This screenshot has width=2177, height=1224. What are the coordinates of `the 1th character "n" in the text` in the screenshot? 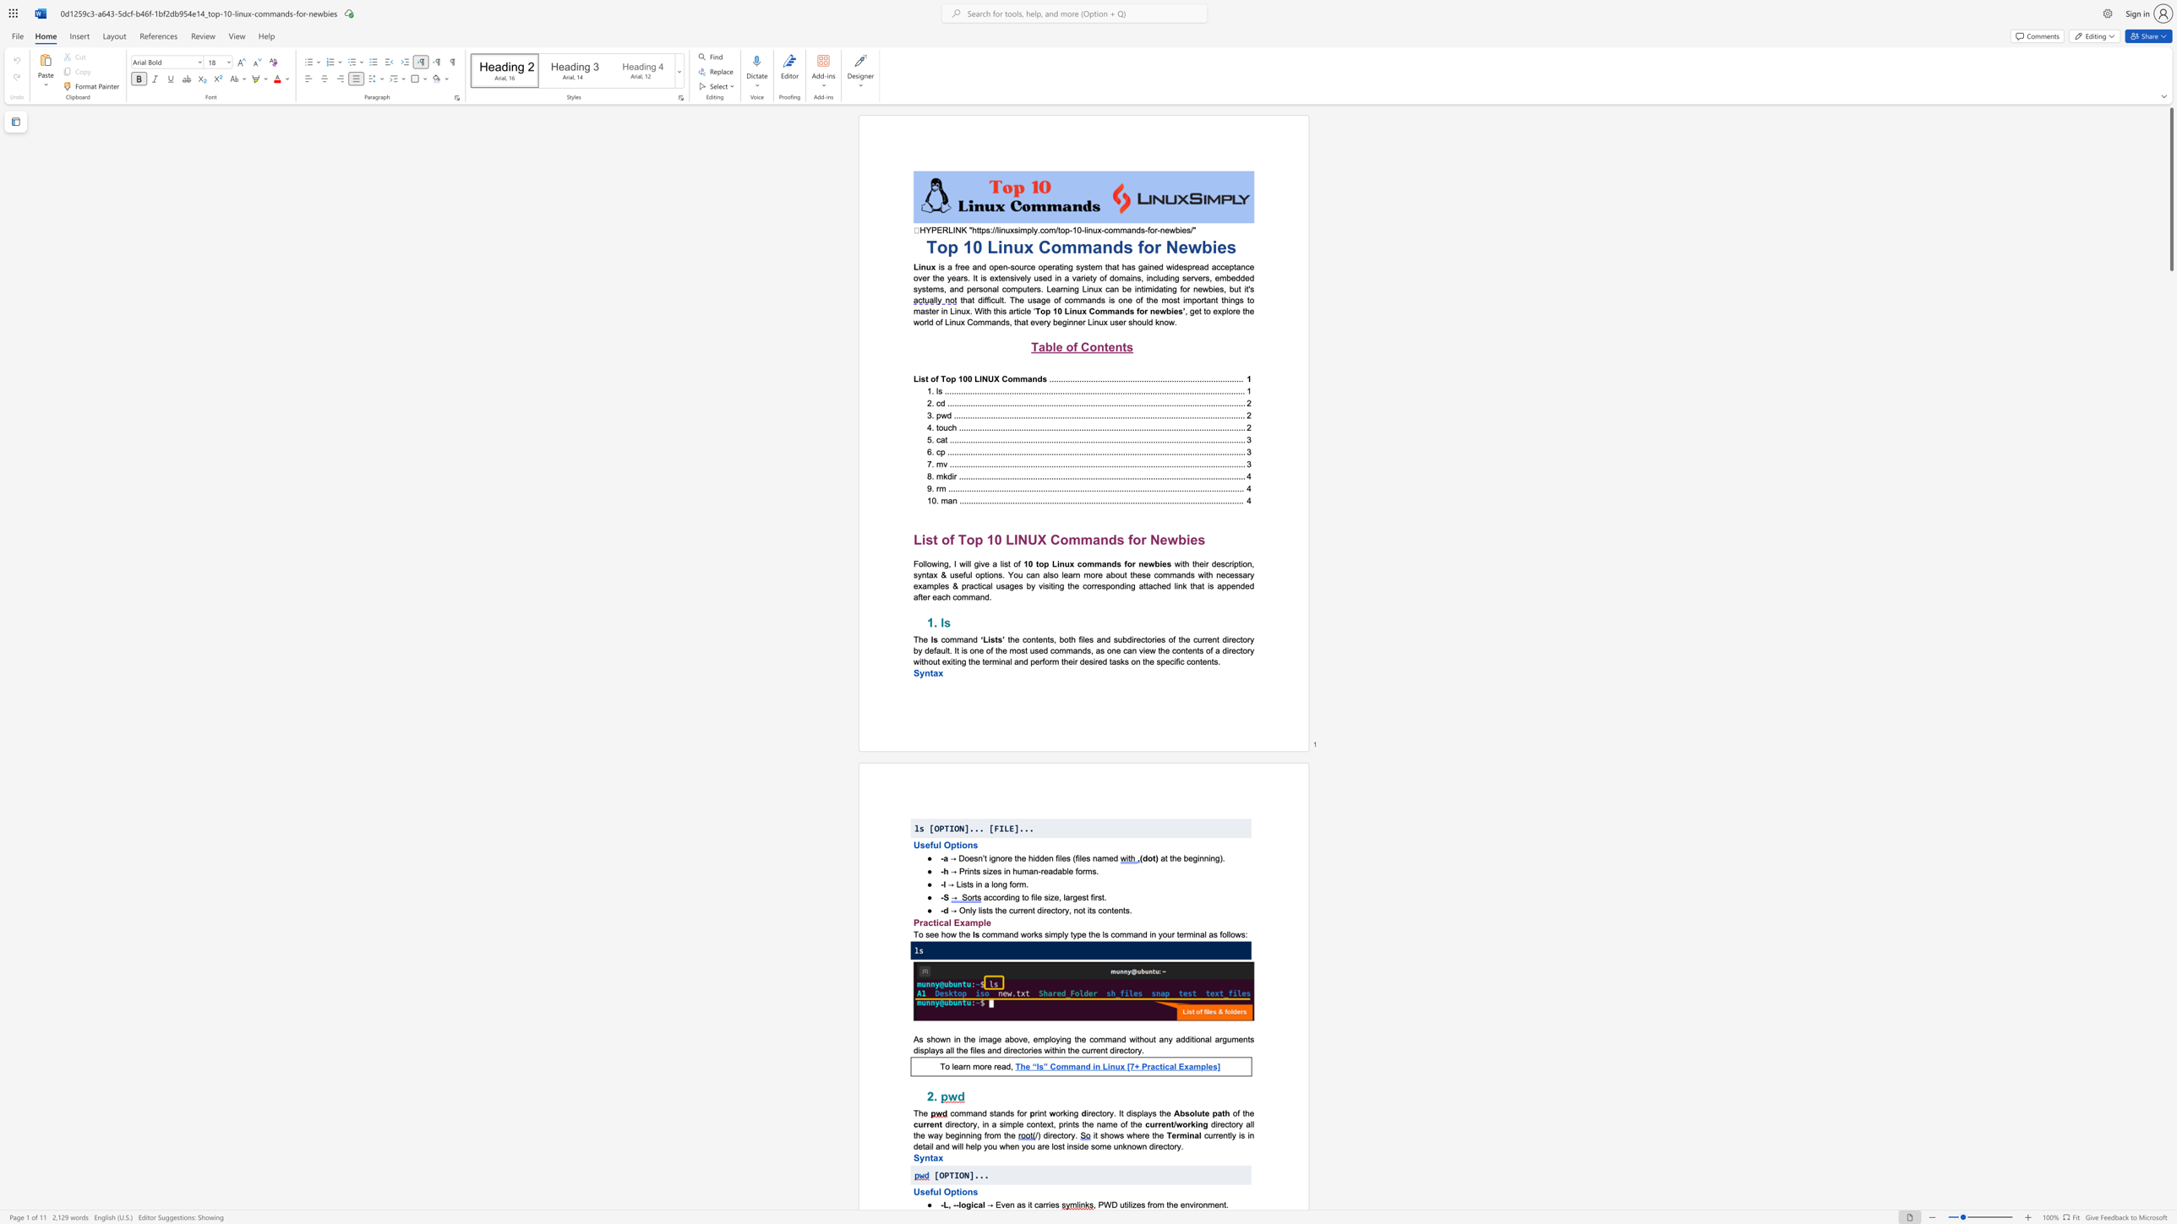 It's located at (968, 845).